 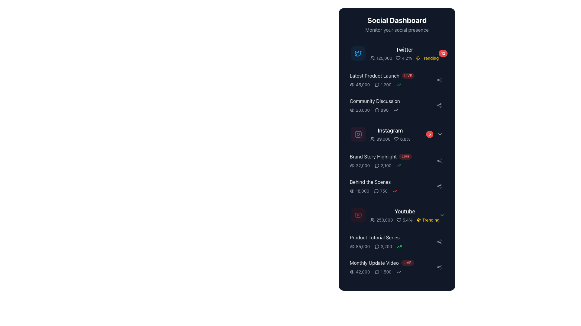 What do you see at coordinates (454, 53) in the screenshot?
I see `the chevron icon located to the right of the red badge labeled '12' and vertically aligned with the 'Twitter' text in the 'Social Dashboard'` at bounding box center [454, 53].